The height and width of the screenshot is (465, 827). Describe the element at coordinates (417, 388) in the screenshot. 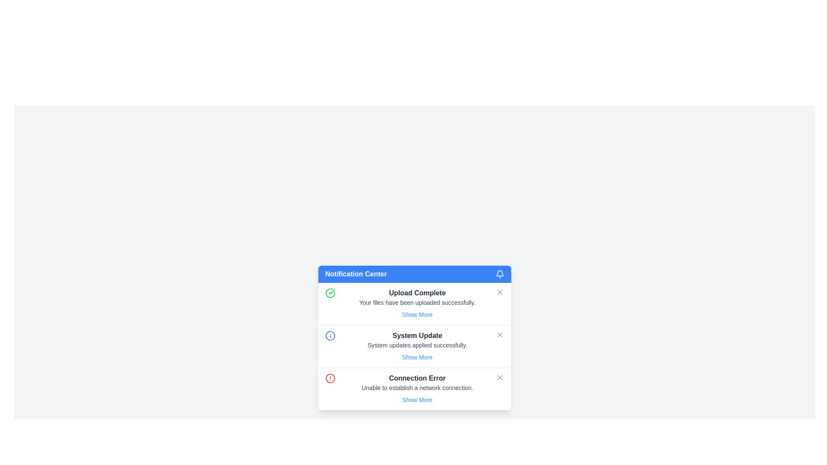

I see `the error message text label that describes the failed network connectivity, which is located below the title 'Connection Error' and above the 'Show More' link` at that location.